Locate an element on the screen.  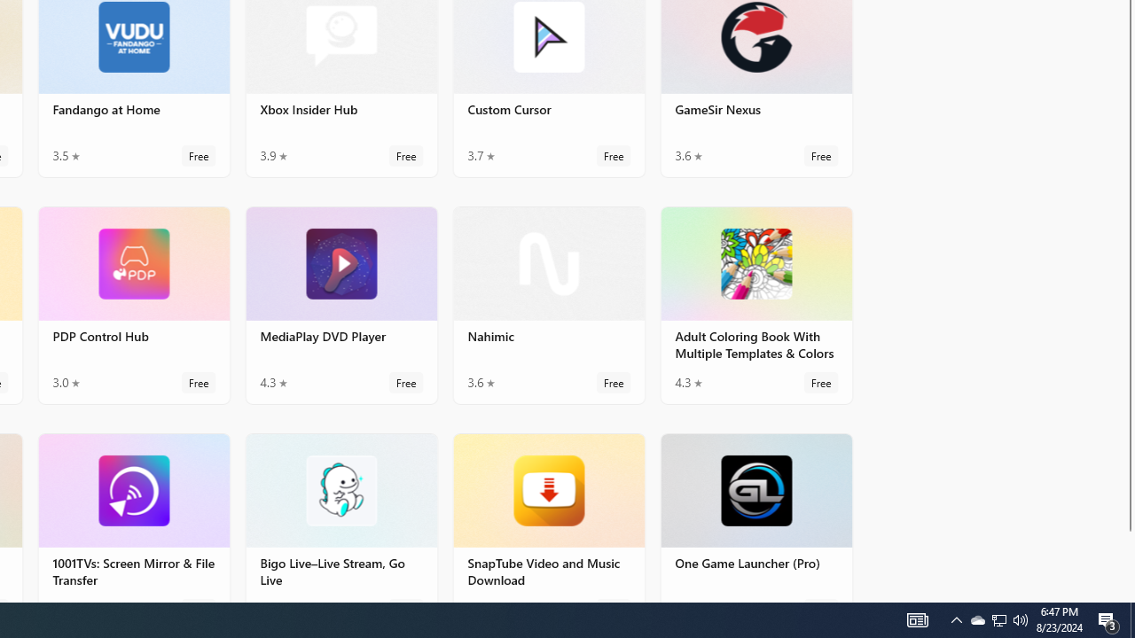
'Nahimic. Average rating of 3.6 out of five stars. Free  ' is located at coordinates (547, 303).